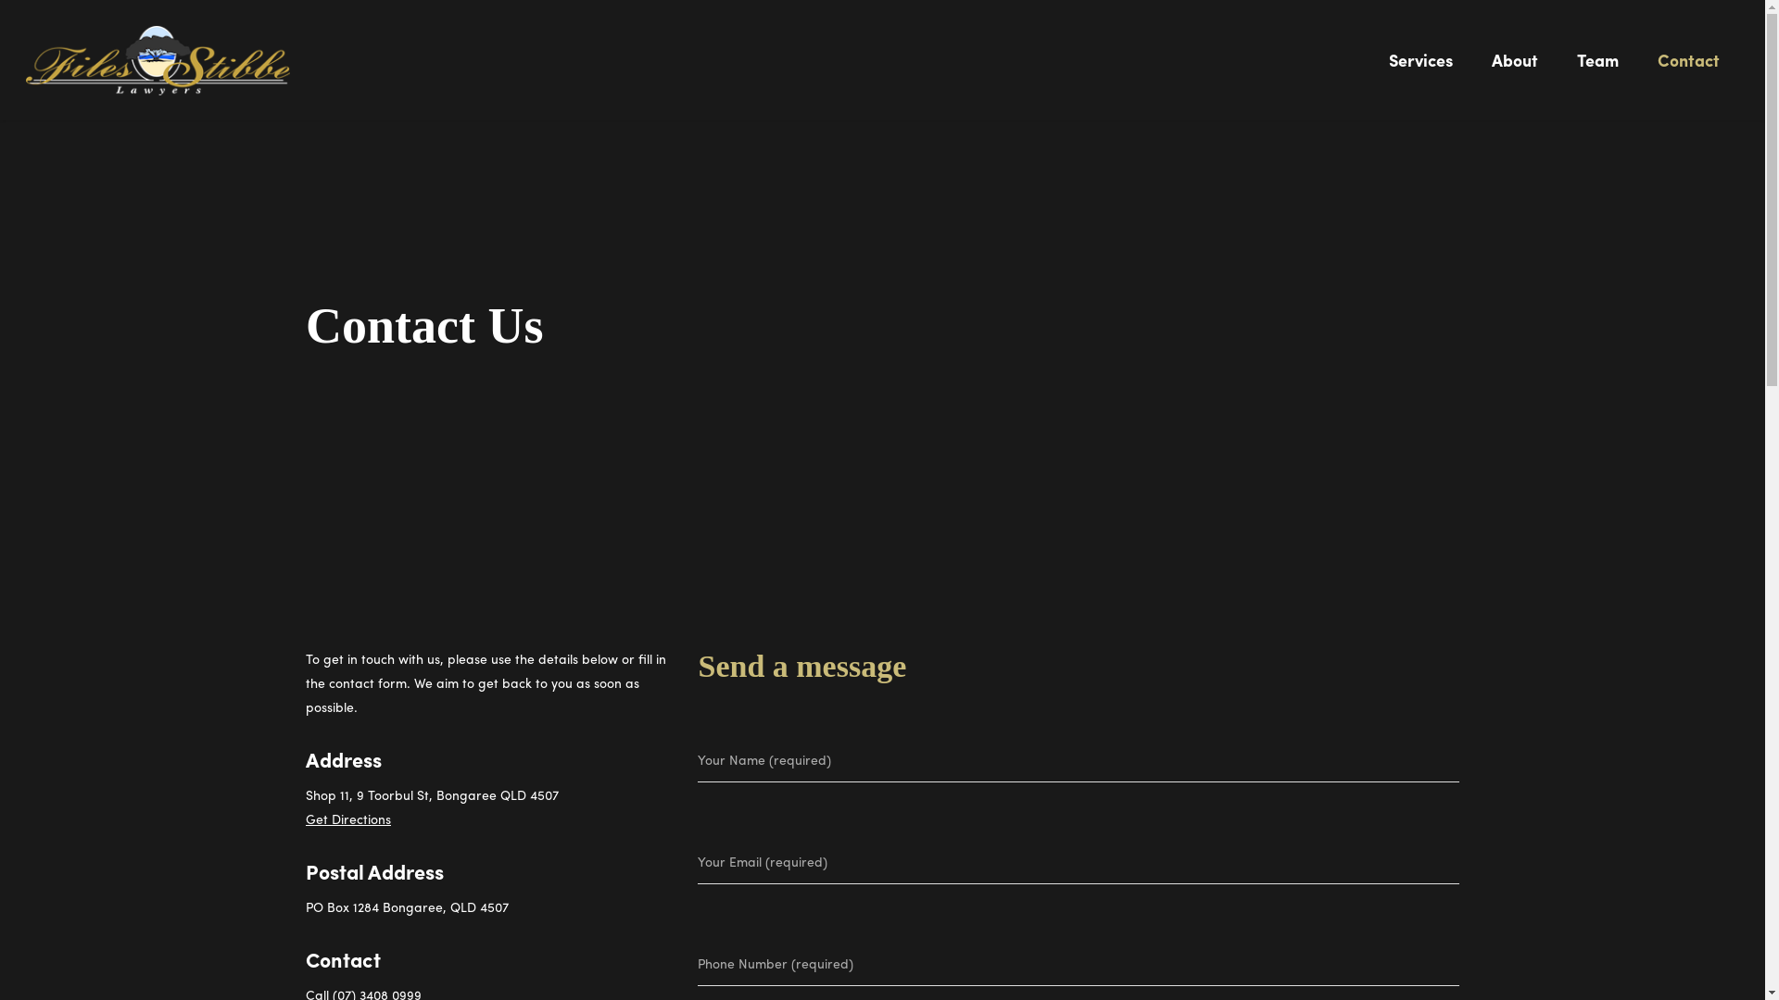  I want to click on 'Get Directions', so click(306, 817).